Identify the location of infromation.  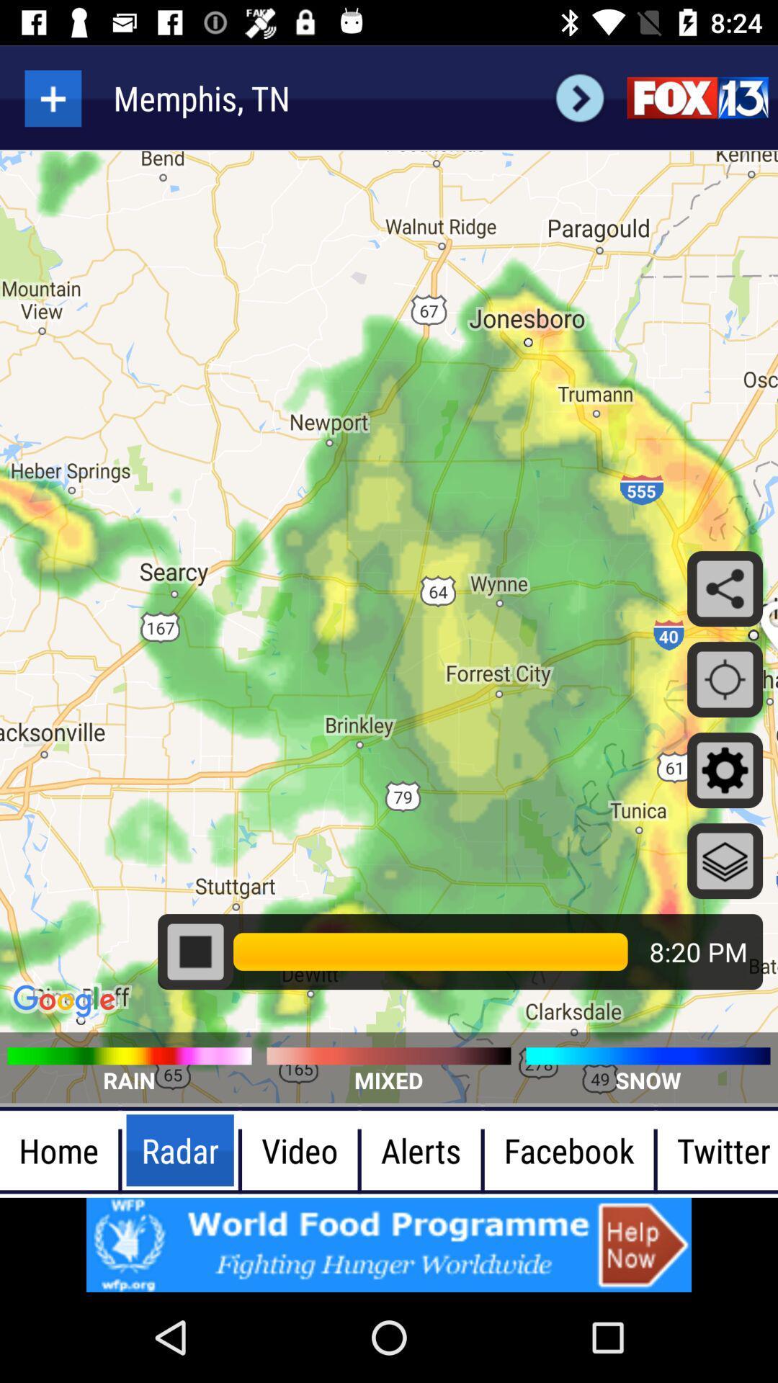
(389, 1244).